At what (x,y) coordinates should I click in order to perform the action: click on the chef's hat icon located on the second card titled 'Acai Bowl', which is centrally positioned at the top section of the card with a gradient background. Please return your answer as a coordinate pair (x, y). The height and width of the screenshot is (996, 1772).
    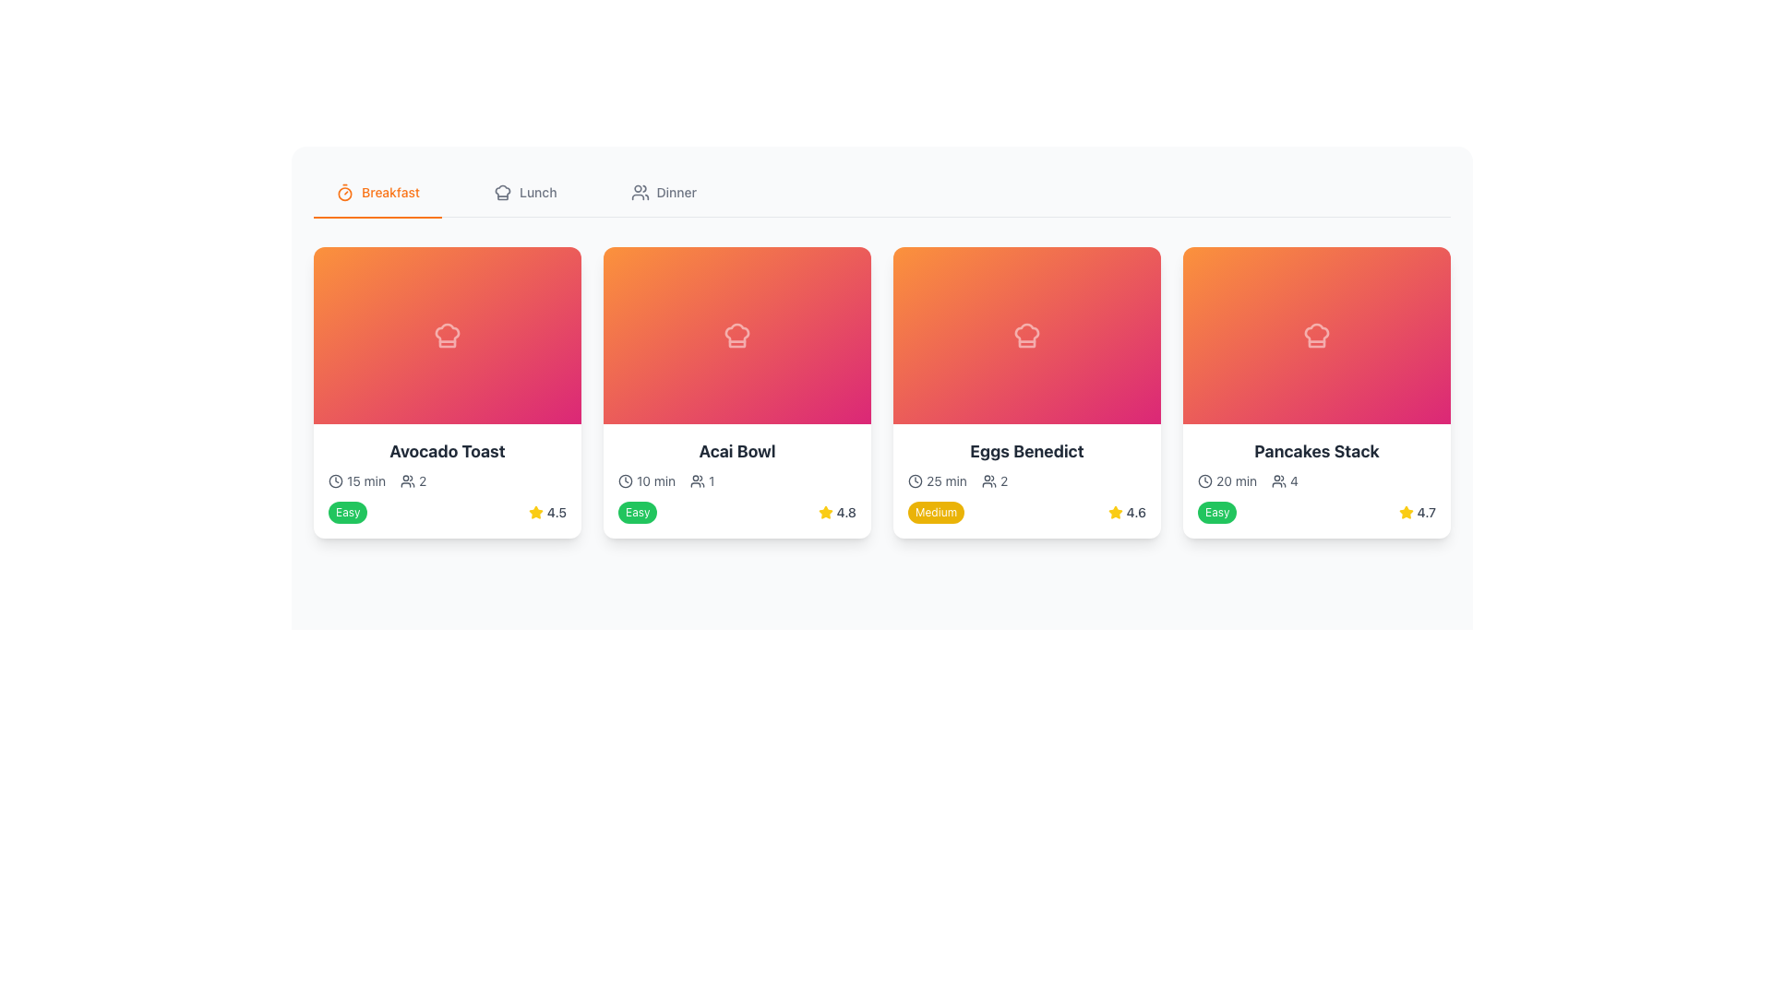
    Looking at the image, I should click on (736, 335).